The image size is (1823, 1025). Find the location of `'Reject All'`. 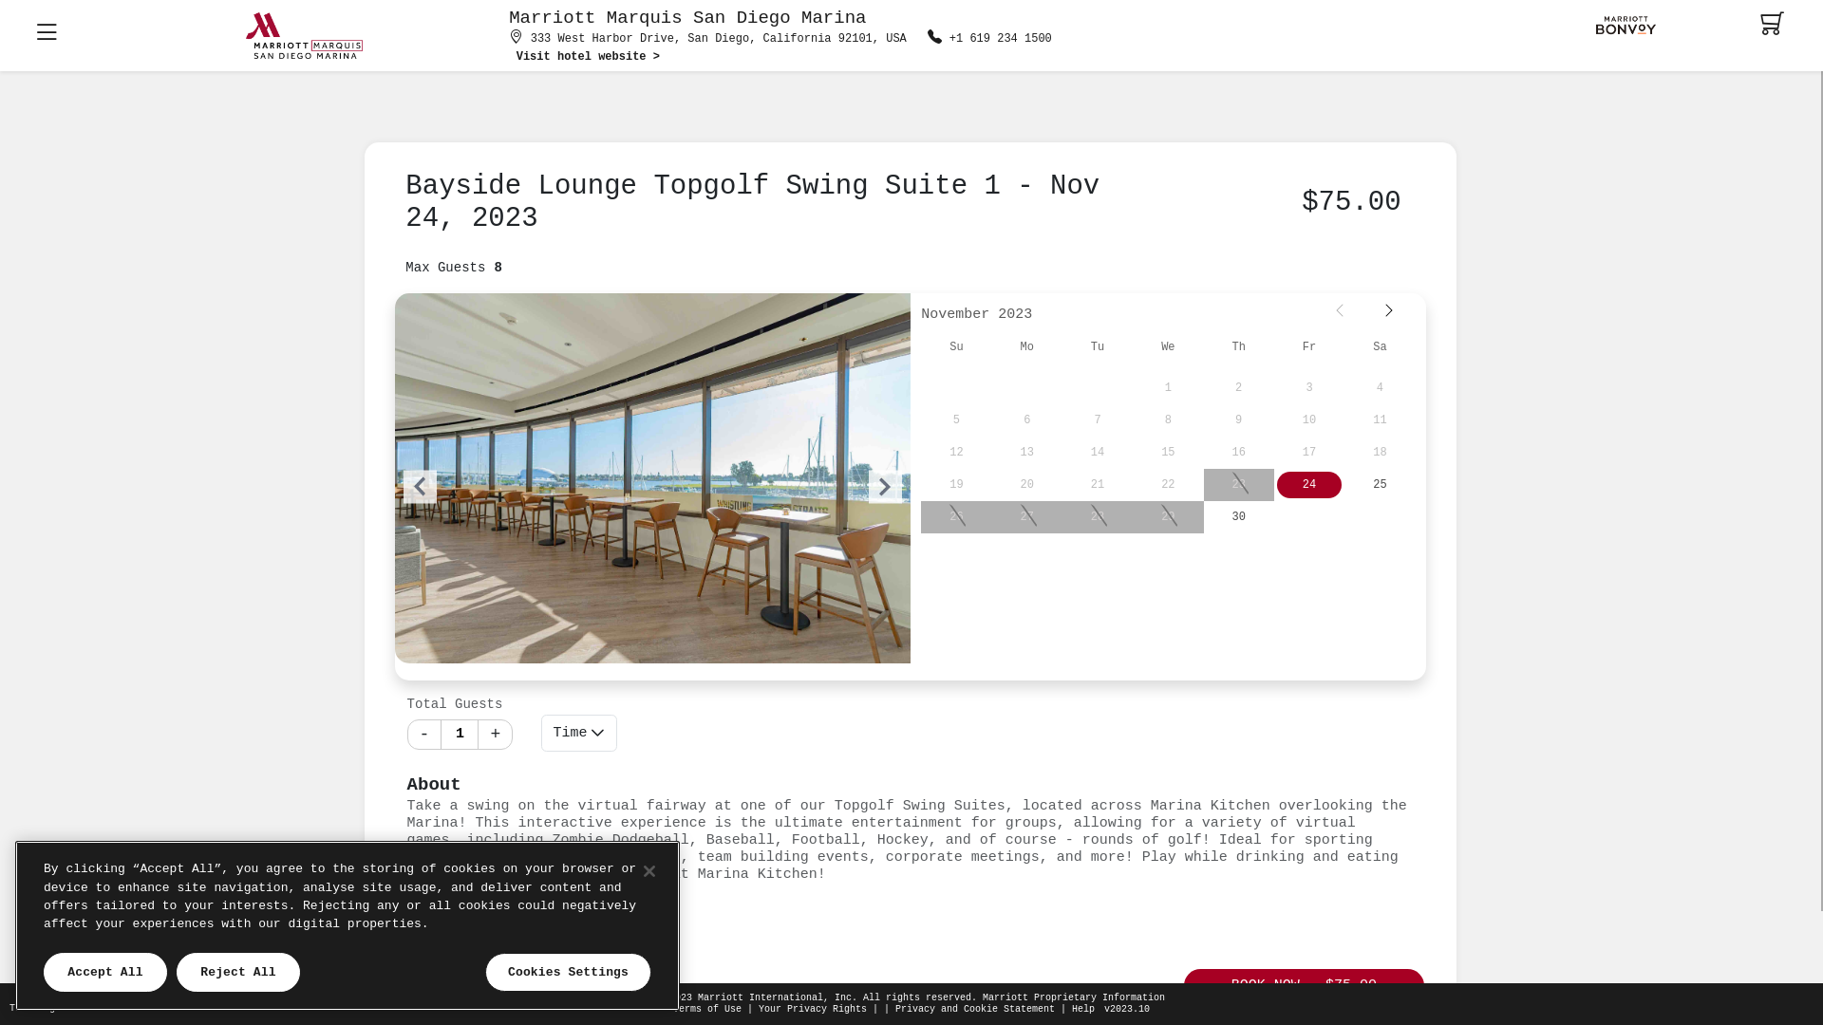

'Reject All' is located at coordinates (177, 973).